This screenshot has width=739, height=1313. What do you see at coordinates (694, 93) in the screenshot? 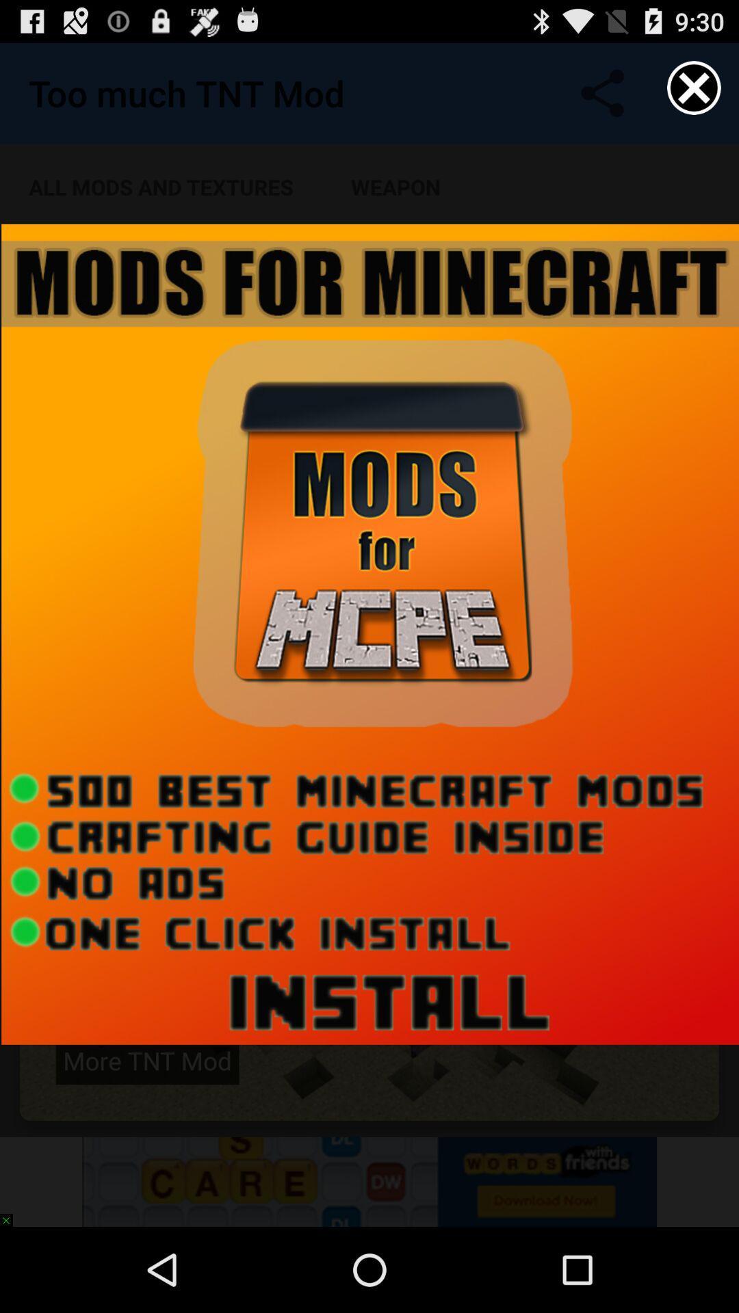
I see `the close icon` at bounding box center [694, 93].